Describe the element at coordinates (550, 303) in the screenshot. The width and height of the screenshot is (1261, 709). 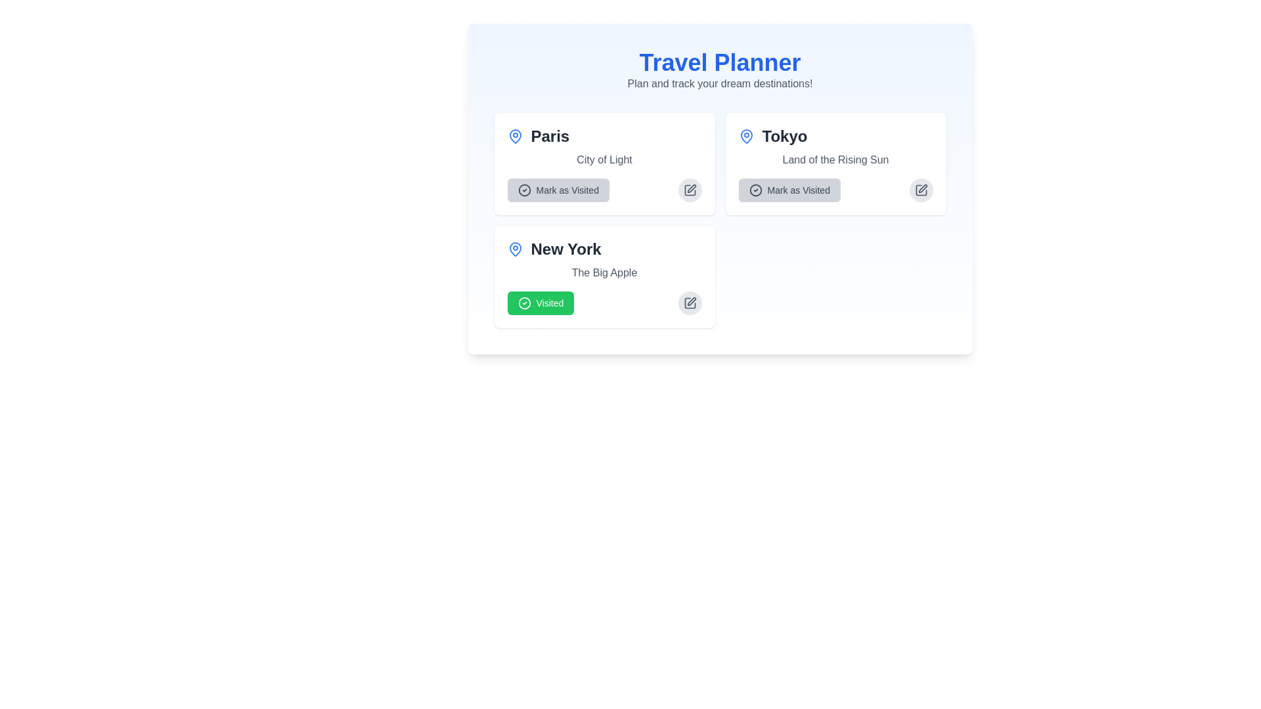
I see `text indicating that the associated location has been visited, located in the bottom-left corner of the 'New York' card as part of a button` at that location.